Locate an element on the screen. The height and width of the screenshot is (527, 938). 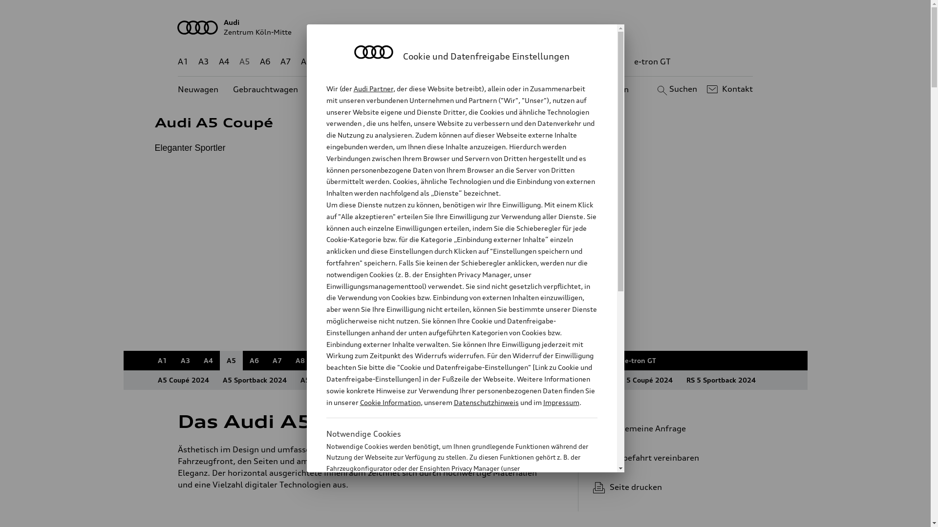
'Gebrauchtwagen' is located at coordinates (265, 89).